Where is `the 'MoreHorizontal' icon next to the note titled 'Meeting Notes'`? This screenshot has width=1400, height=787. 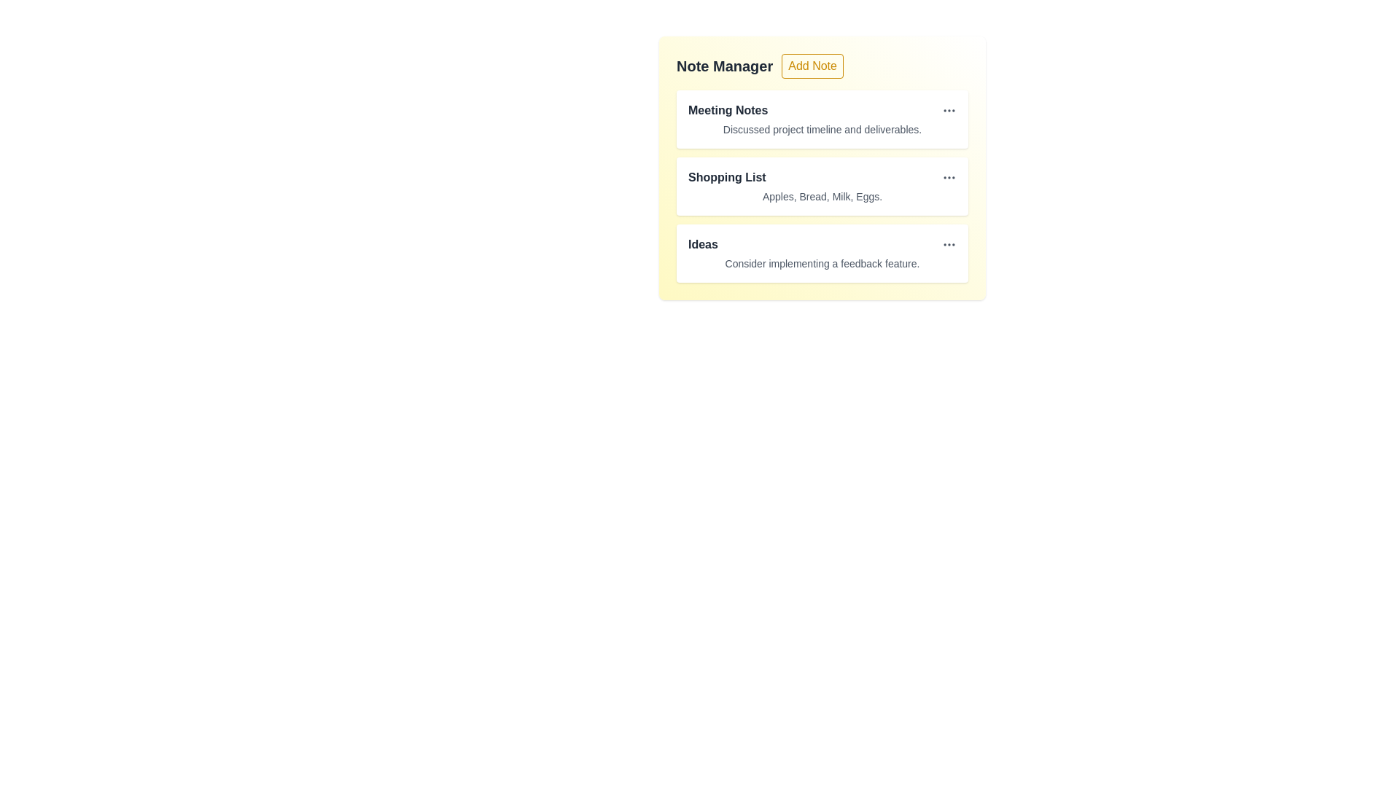
the 'MoreHorizontal' icon next to the note titled 'Meeting Notes' is located at coordinates (949, 109).